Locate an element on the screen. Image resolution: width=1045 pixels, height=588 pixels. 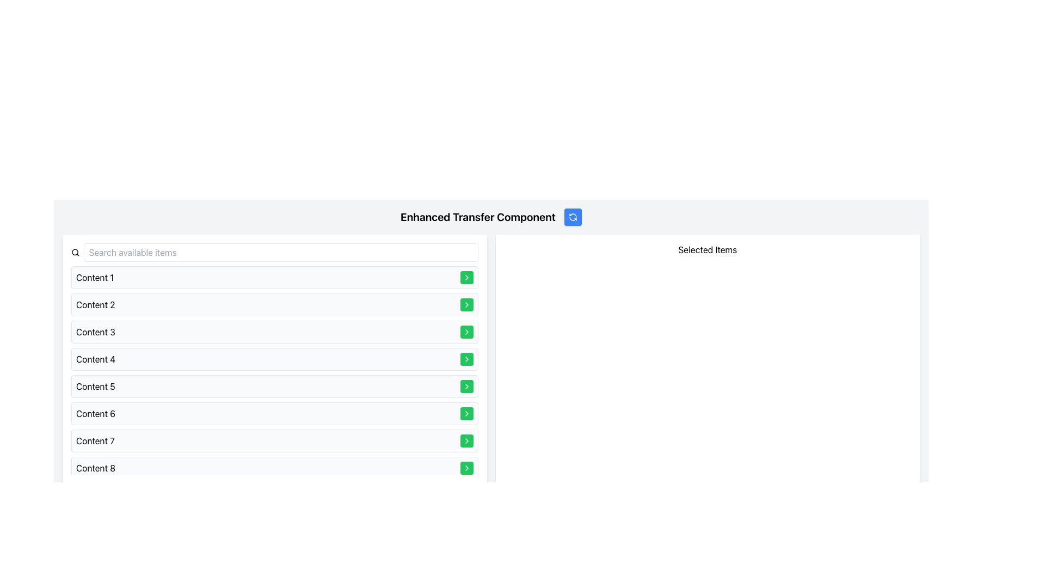
the refresh button located immediately to the right of the 'Enhanced Transfer Component' text in the header section is located at coordinates (572, 217).